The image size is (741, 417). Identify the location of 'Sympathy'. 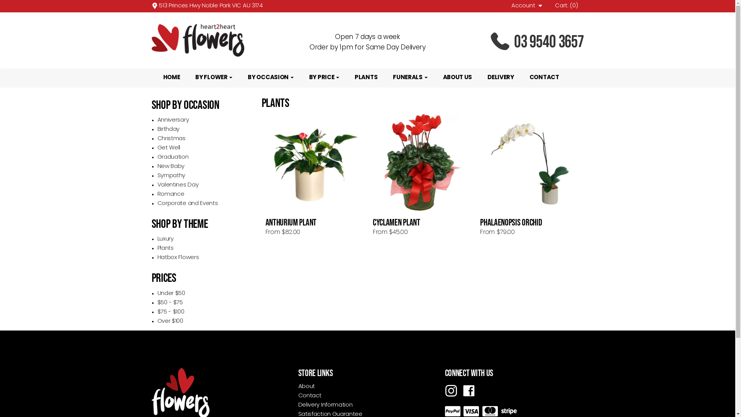
(171, 176).